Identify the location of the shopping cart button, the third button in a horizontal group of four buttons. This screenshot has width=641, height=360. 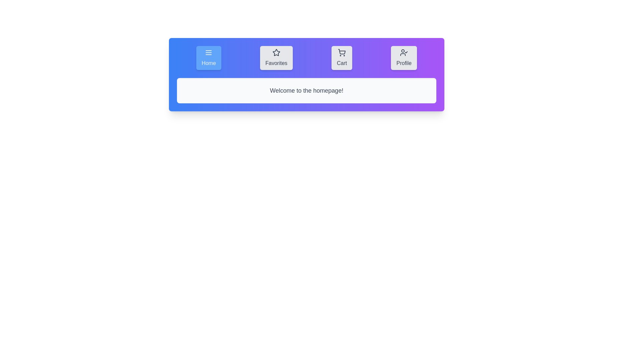
(342, 57).